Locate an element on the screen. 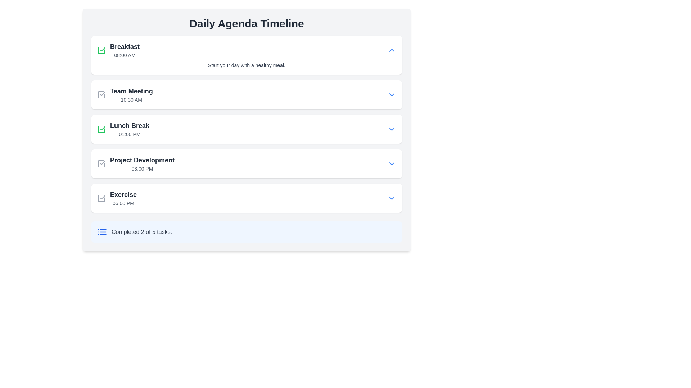 The height and width of the screenshot is (388, 691). the task completion status icon located to the left of the 'Completed 2 of 5 tasks.' text in the blue-highlighted section is located at coordinates (101, 232).